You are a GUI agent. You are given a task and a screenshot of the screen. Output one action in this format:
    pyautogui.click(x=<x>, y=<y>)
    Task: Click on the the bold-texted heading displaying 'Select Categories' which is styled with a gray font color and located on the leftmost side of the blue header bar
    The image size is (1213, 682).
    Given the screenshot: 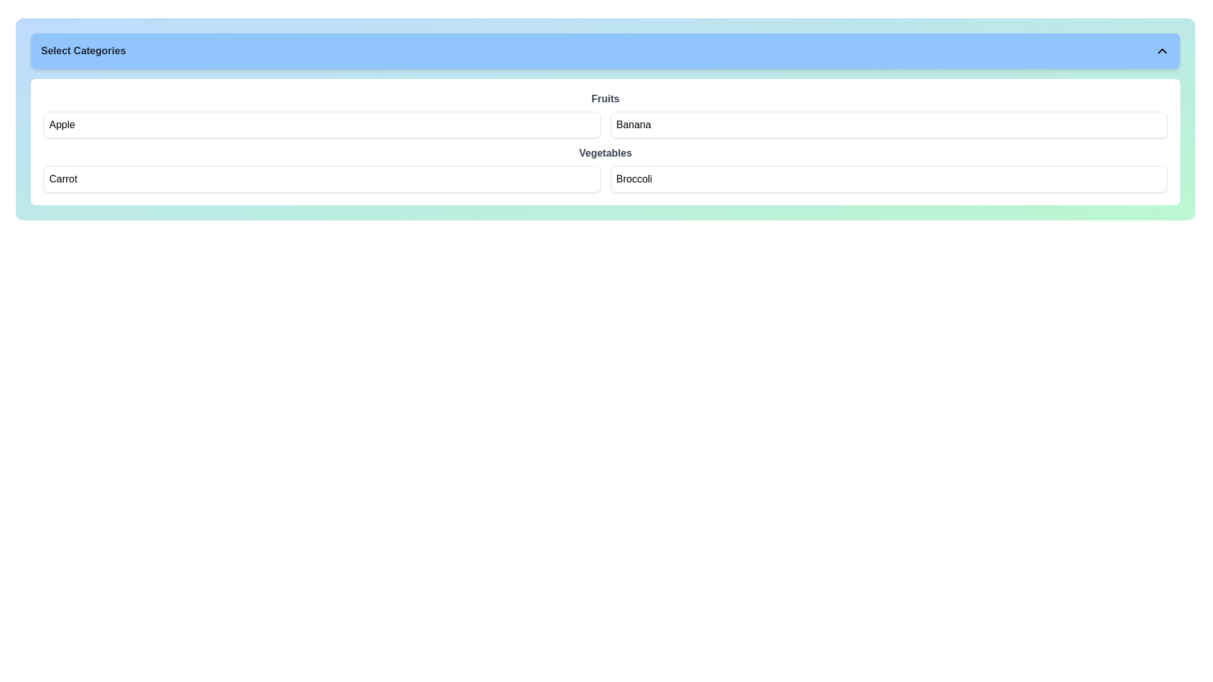 What is the action you would take?
    pyautogui.click(x=83, y=51)
    